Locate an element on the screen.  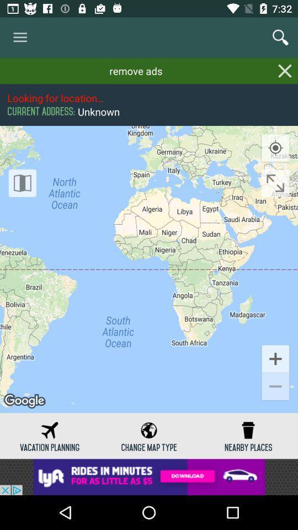
maximize screen is located at coordinates (275, 183).